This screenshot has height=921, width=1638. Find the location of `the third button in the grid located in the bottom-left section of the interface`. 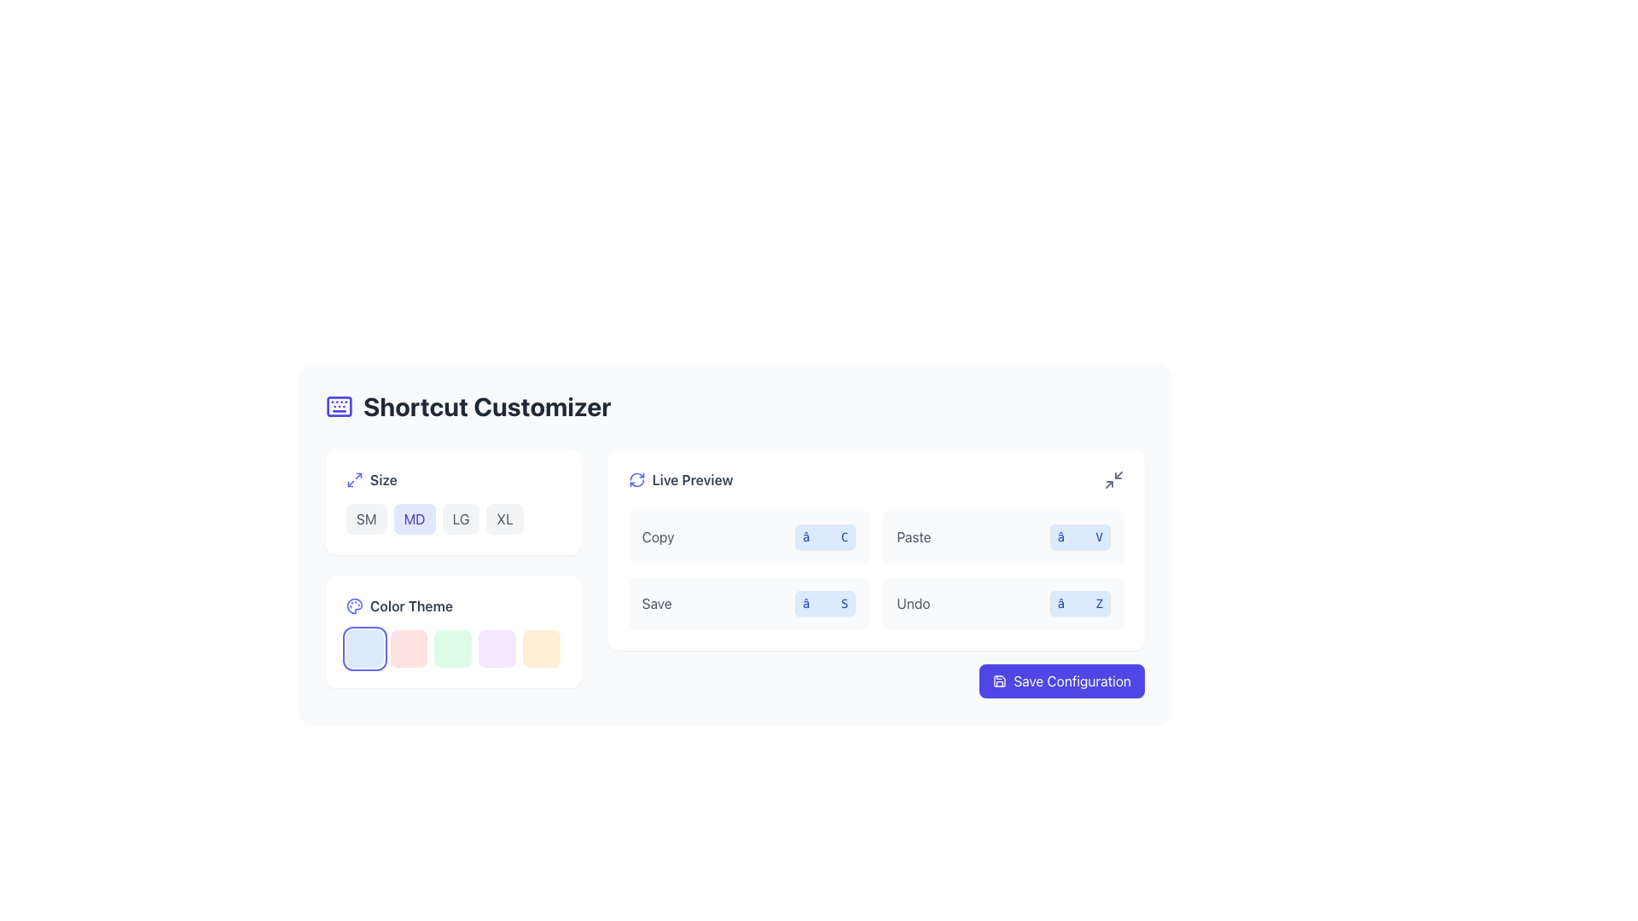

the third button in the grid located in the bottom-left section of the interface is located at coordinates (453, 648).